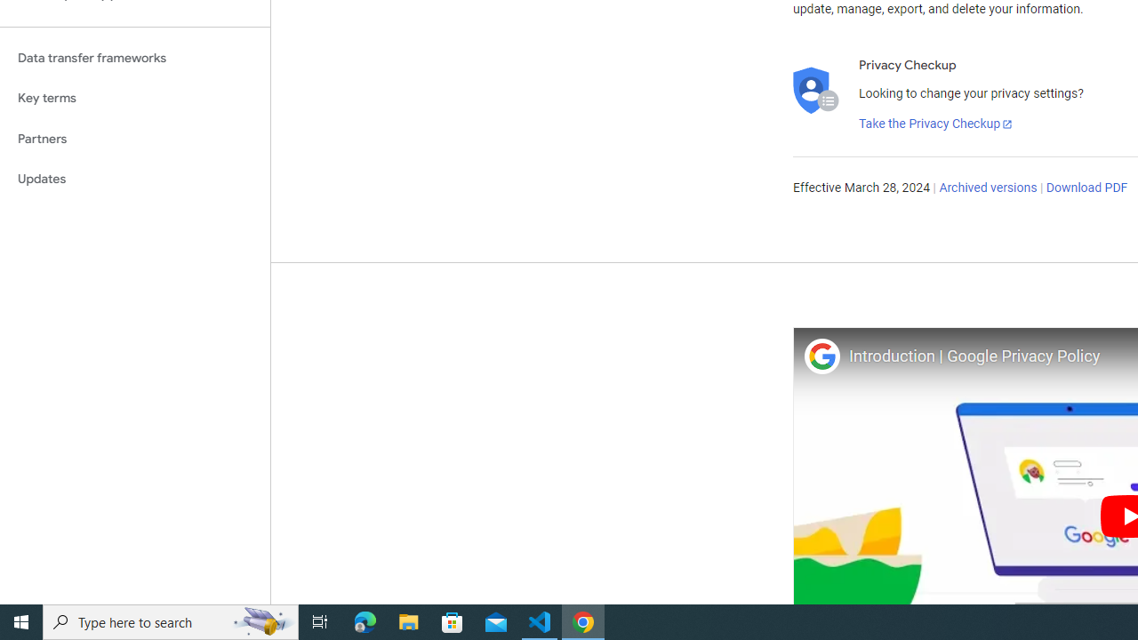 The width and height of the screenshot is (1138, 640). What do you see at coordinates (134, 138) in the screenshot?
I see `'Partners'` at bounding box center [134, 138].